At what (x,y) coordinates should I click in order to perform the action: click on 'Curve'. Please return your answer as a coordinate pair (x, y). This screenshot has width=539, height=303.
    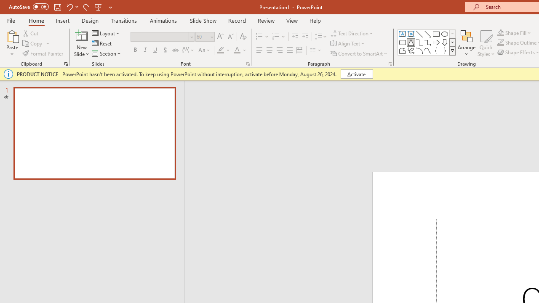
    Looking at the image, I should click on (428, 50).